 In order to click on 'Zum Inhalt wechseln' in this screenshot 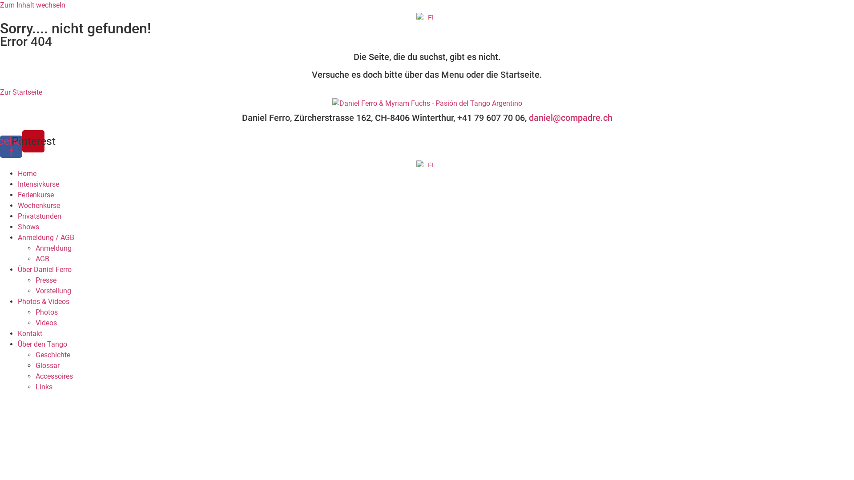, I will do `click(32, 5)`.